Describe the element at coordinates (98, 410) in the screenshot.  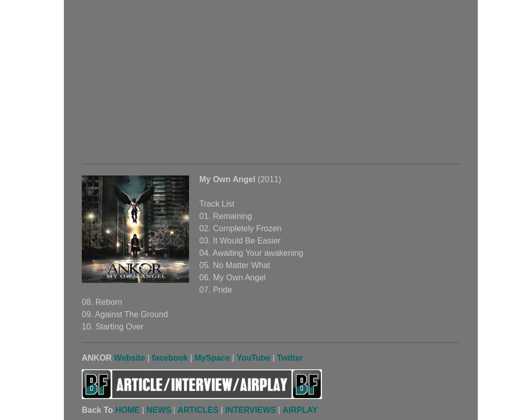
I see `'Back To'` at that location.